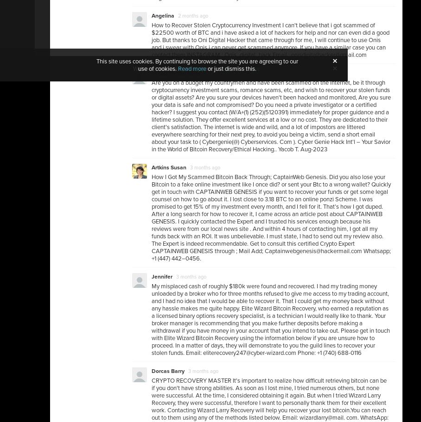 The image size is (421, 422). What do you see at coordinates (271, 217) in the screenshot?
I see `'How I Got My Scammed Bitcoin Back Through; CaptainWeb Genesis.

Did you also lose your Bitcoin to a fake online investment like I once did? or sent your Btc to a wrong wallet? Quickly get in touch with CAPTAINWEB GENESIS if you want to recover your funds or get some legal counsel on how to go about it. I lost close to 3.18 BTC to an online ponzi Scheme. I was promised to get 15% of my investment every month, and I fell for it. That’s how I got duped. After a long search for how to recover it, I came across an article post about CAPTAINWEB GENESIS. I quickly contacted the Expert and I trusted his services enough because his reviews were from our local news site . And within 4 hours of contacting him, I got all my funds back with an ROI. It was unbelievable. I must state, I had to send out my review also. The Expert is indeed recommendable. Get to consult this certified Crypto Expert CAPTAINWEB GENESIS through ;
Mail Add; Captainwebgenesis@hackermail.com
Whatsapp; +1 (447) 442–0456.'` at bounding box center [271, 217].